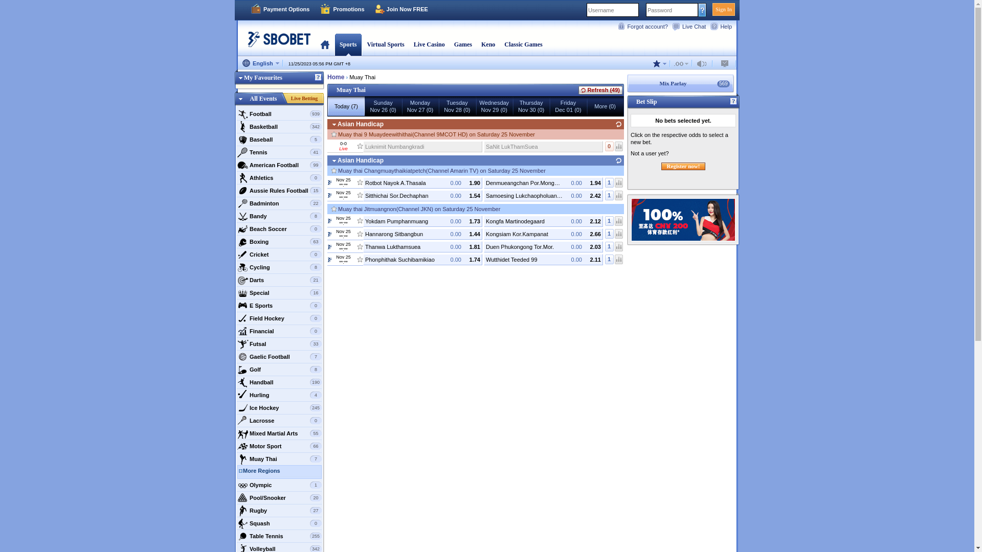 This screenshot has height=552, width=982. I want to click on 'Field Hockey, so click(279, 318).